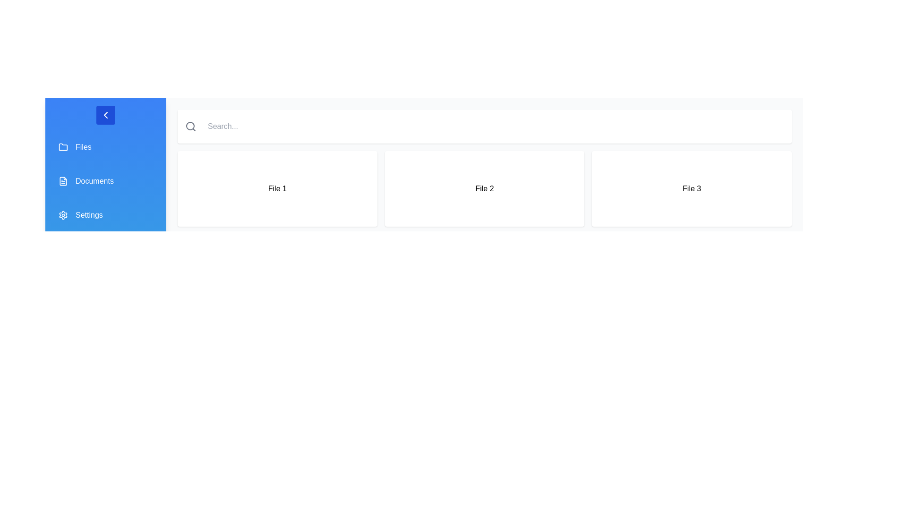 This screenshot has width=907, height=510. Describe the element at coordinates (484, 189) in the screenshot. I see `the File 2 element to view its details` at that location.